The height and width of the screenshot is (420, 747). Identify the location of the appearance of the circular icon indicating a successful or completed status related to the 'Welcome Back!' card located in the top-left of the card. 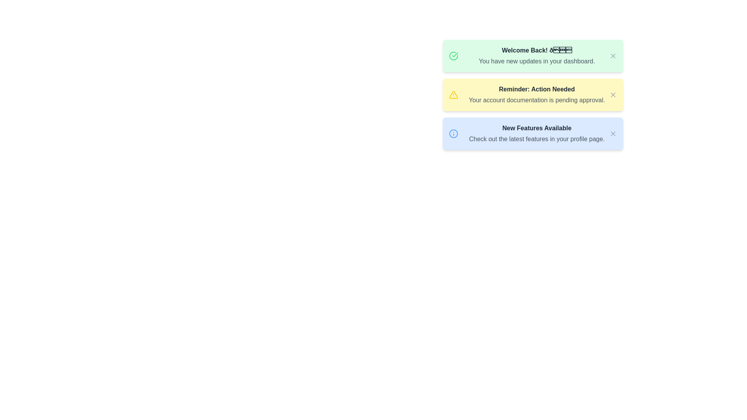
(455, 54).